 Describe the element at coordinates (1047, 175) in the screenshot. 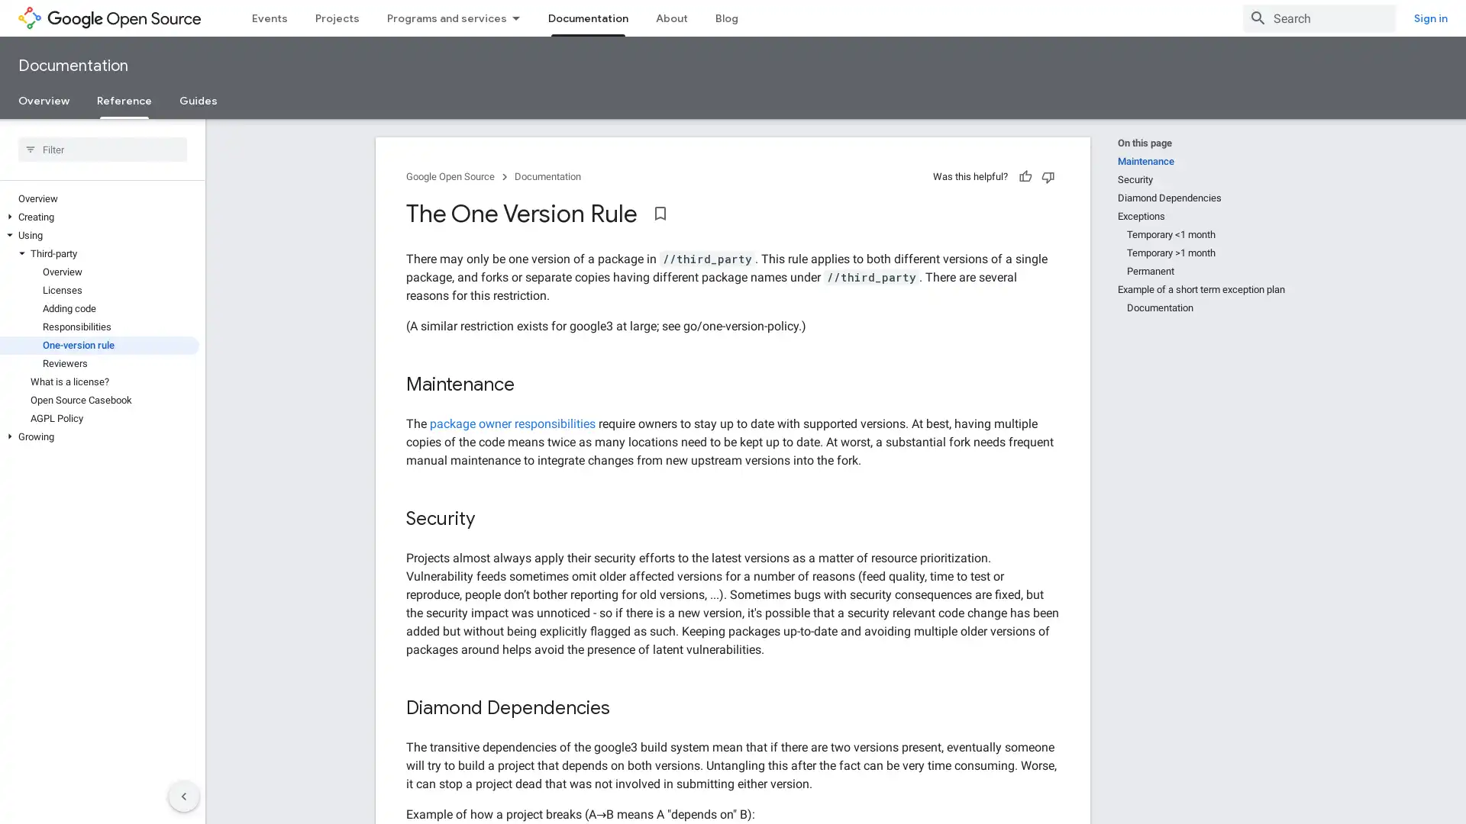

I see `Not helpful` at that location.